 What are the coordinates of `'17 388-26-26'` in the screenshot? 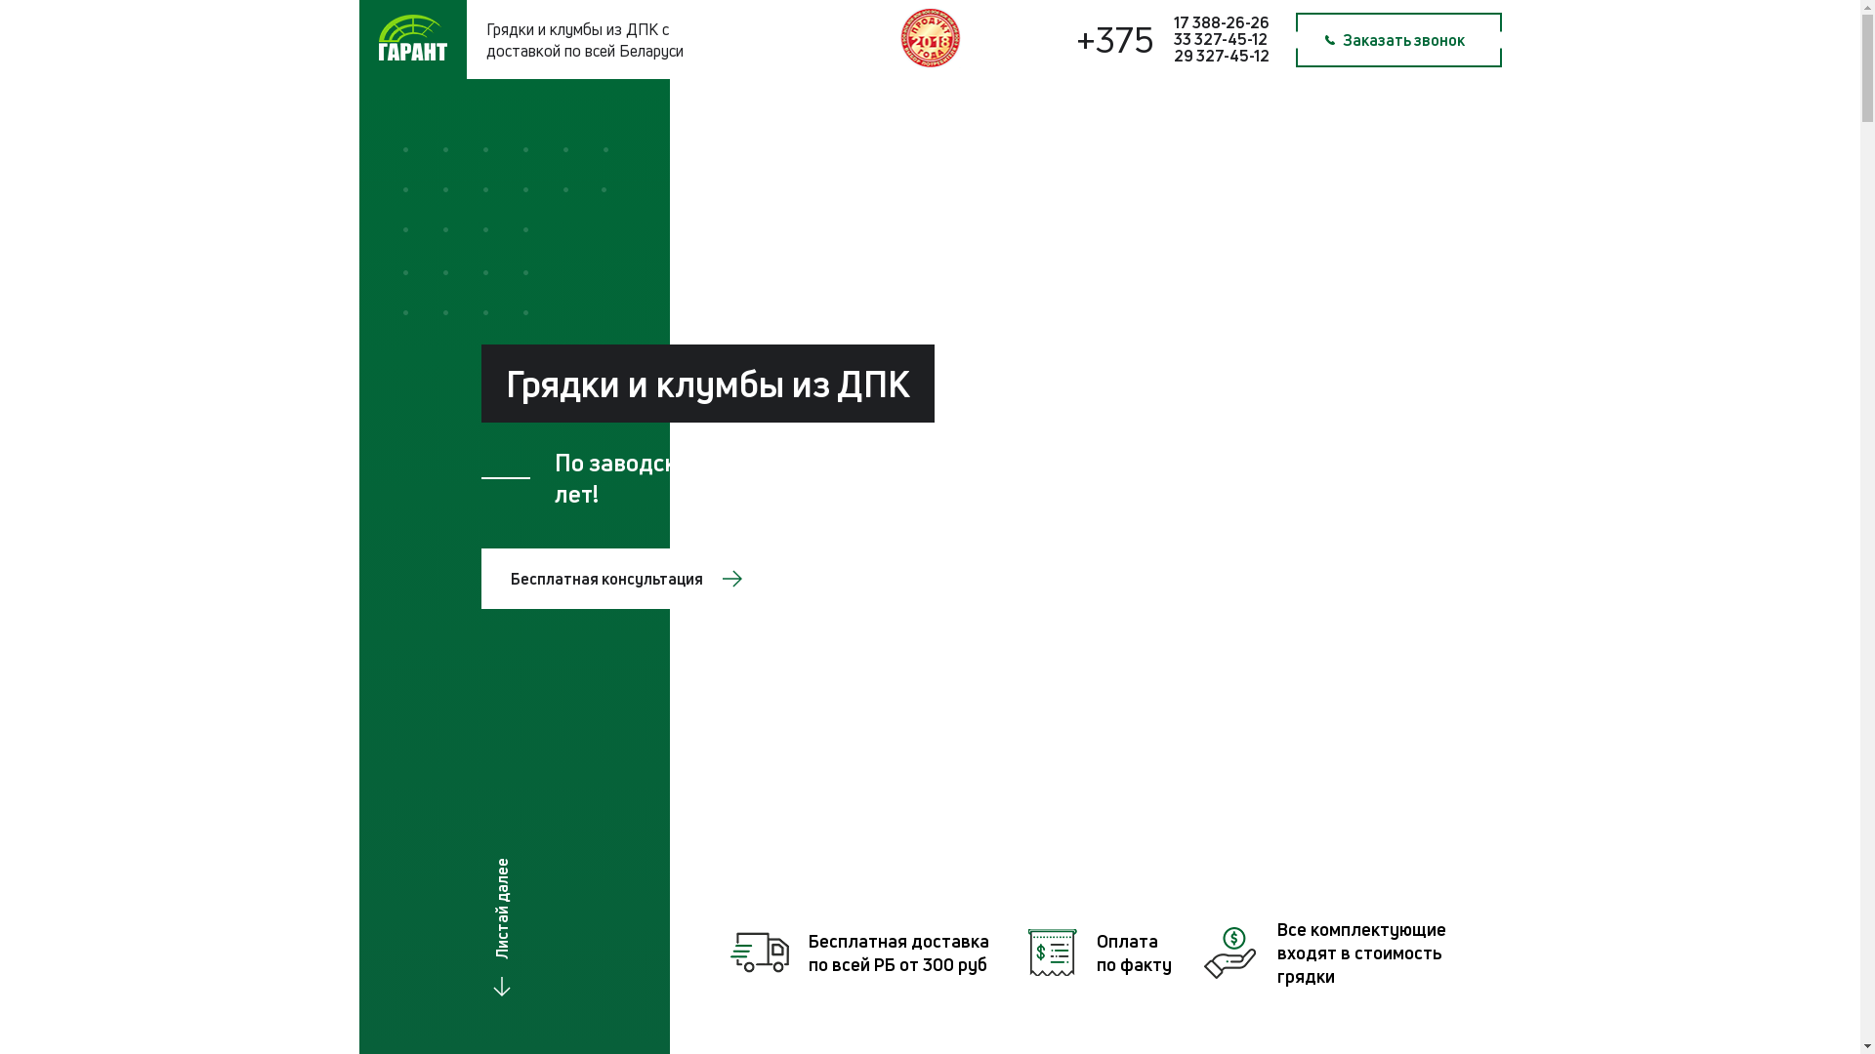 It's located at (1221, 22).